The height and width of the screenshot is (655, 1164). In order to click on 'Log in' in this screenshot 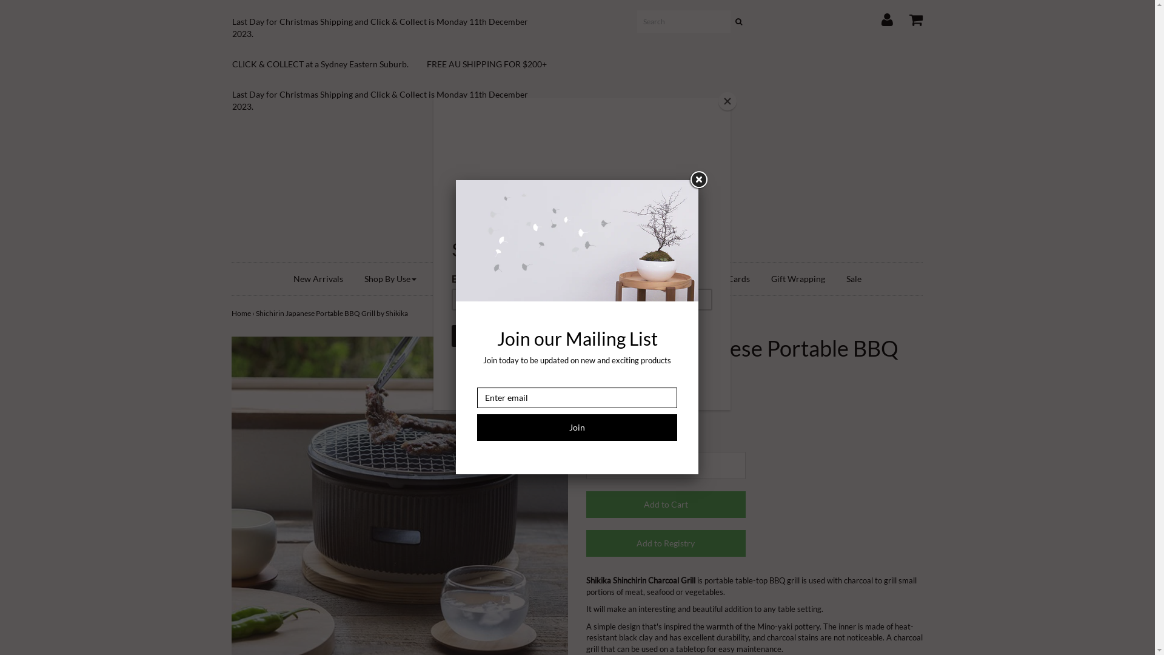, I will do `click(879, 16)`.